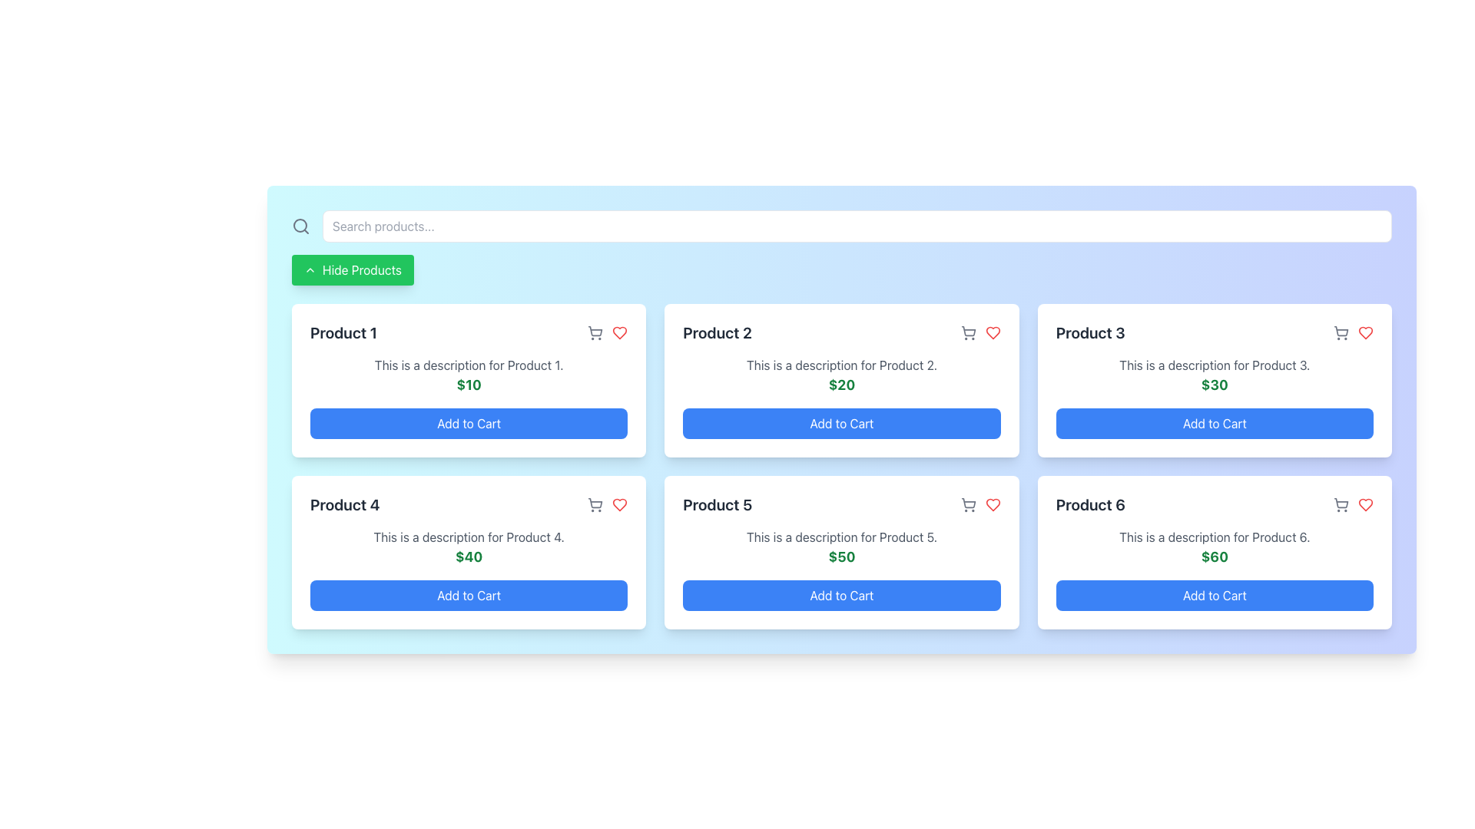 The width and height of the screenshot is (1475, 829). What do you see at coordinates (979, 332) in the screenshot?
I see `the heart icon in the group of icons located in the upper-right corner of the 'Product 2' card` at bounding box center [979, 332].